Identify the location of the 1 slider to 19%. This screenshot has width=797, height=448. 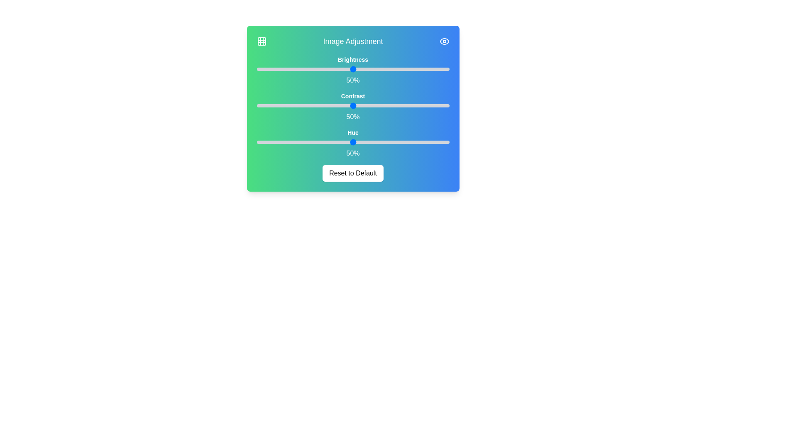
(389, 105).